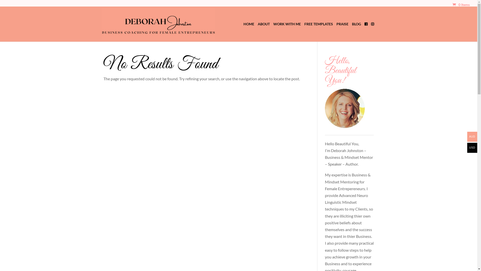 The image size is (481, 271). Describe the element at coordinates (243, 32) in the screenshot. I see `'HOME'` at that location.